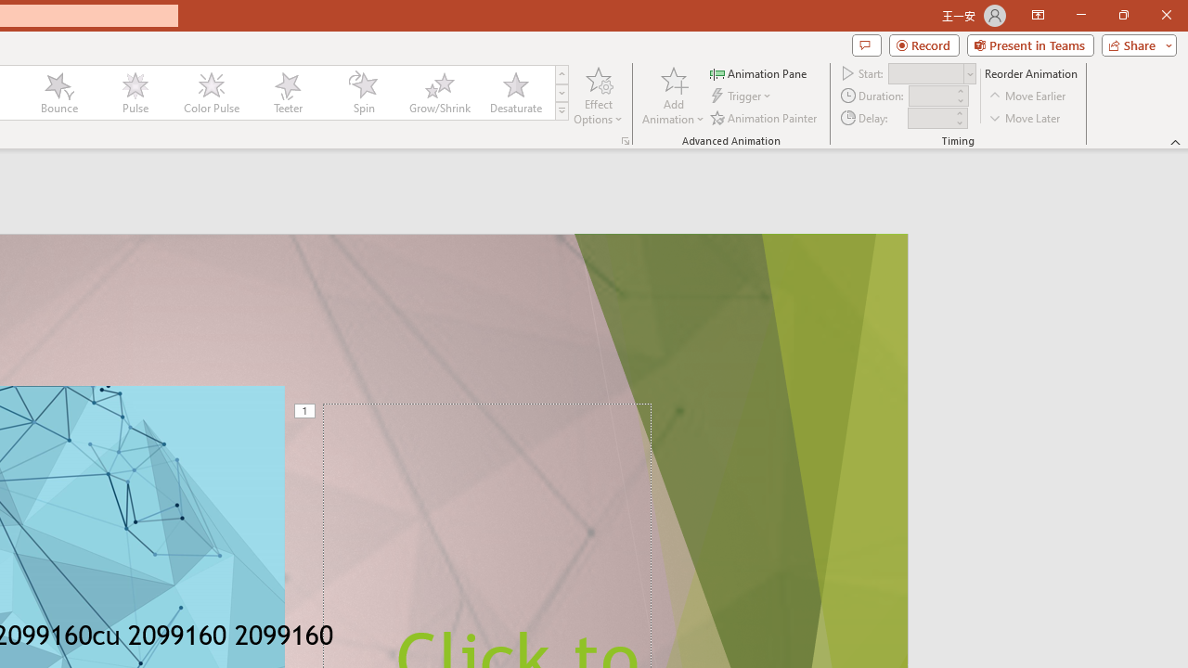 This screenshot has width=1188, height=668. What do you see at coordinates (599, 96) in the screenshot?
I see `'Effect Options'` at bounding box center [599, 96].